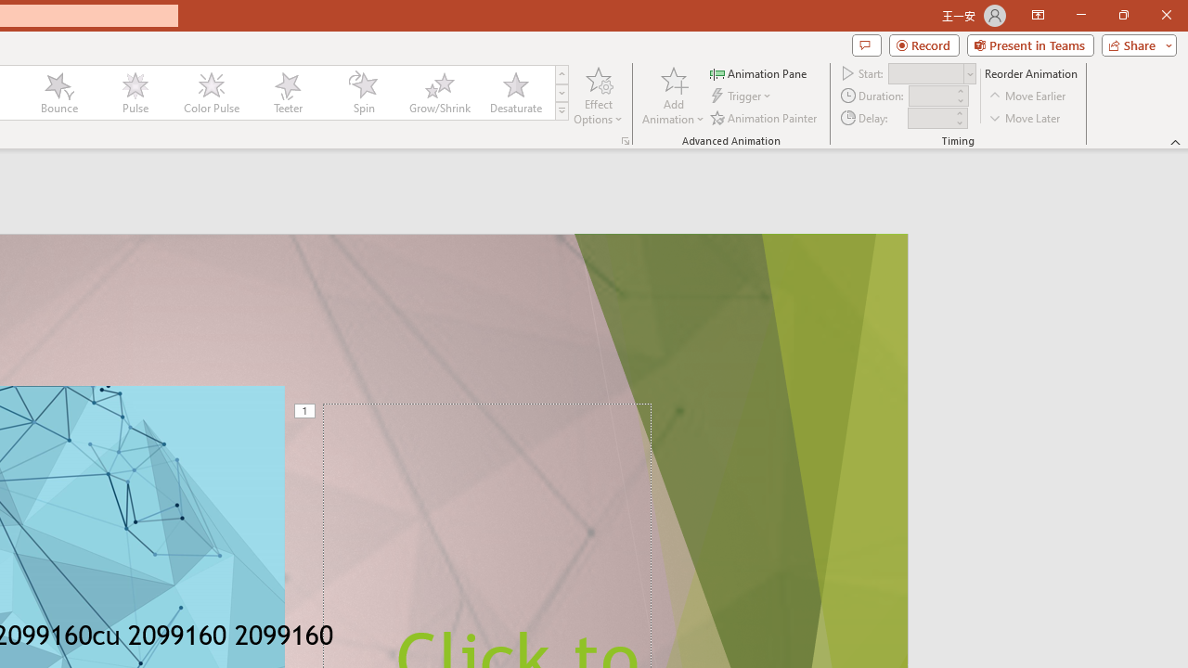 This screenshot has width=1188, height=668. What do you see at coordinates (599, 96) in the screenshot?
I see `'Effect Options'` at bounding box center [599, 96].